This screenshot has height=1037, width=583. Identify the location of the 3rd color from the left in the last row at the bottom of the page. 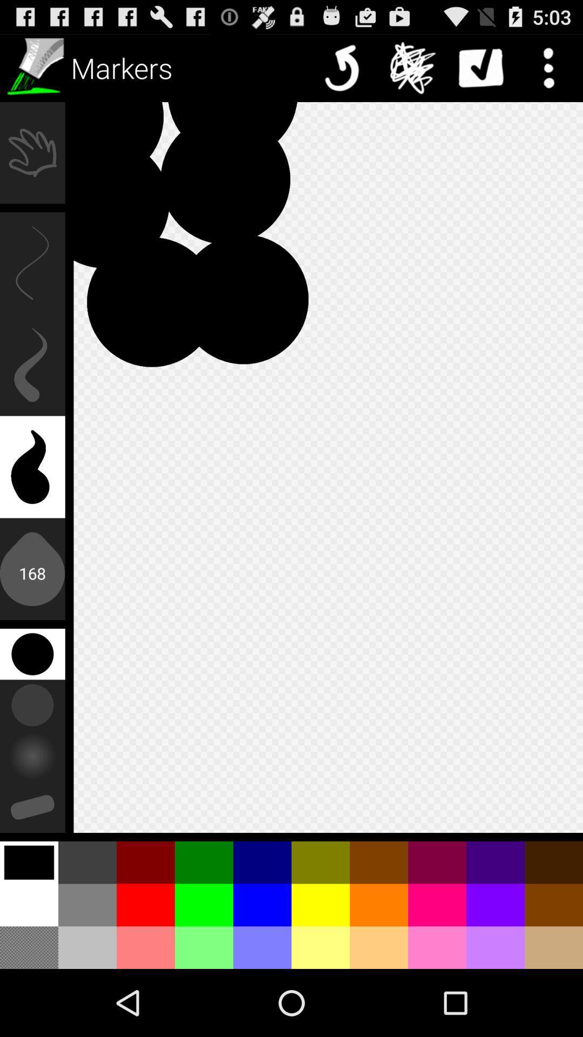
(146, 947).